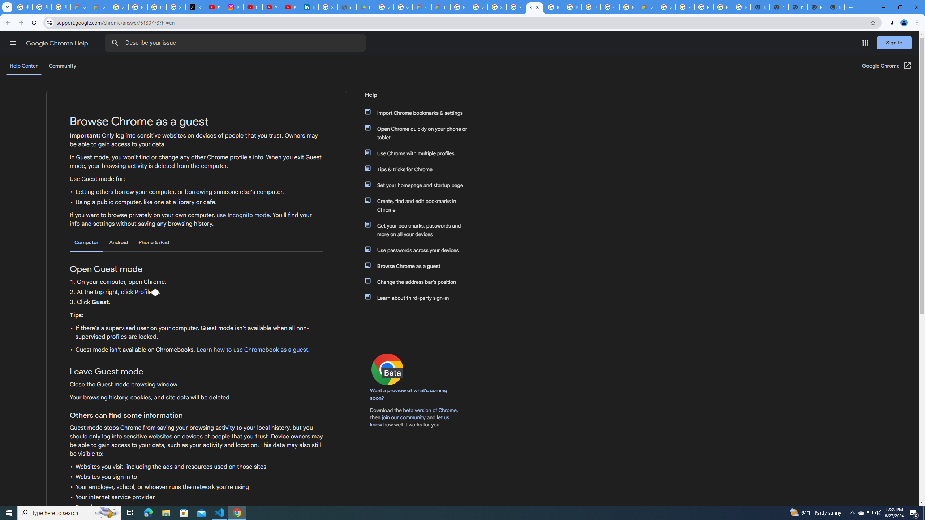 The image size is (925, 520). I want to click on 'Browse Chrome as a guest - Computer - Google Chrome Help', so click(534, 7).